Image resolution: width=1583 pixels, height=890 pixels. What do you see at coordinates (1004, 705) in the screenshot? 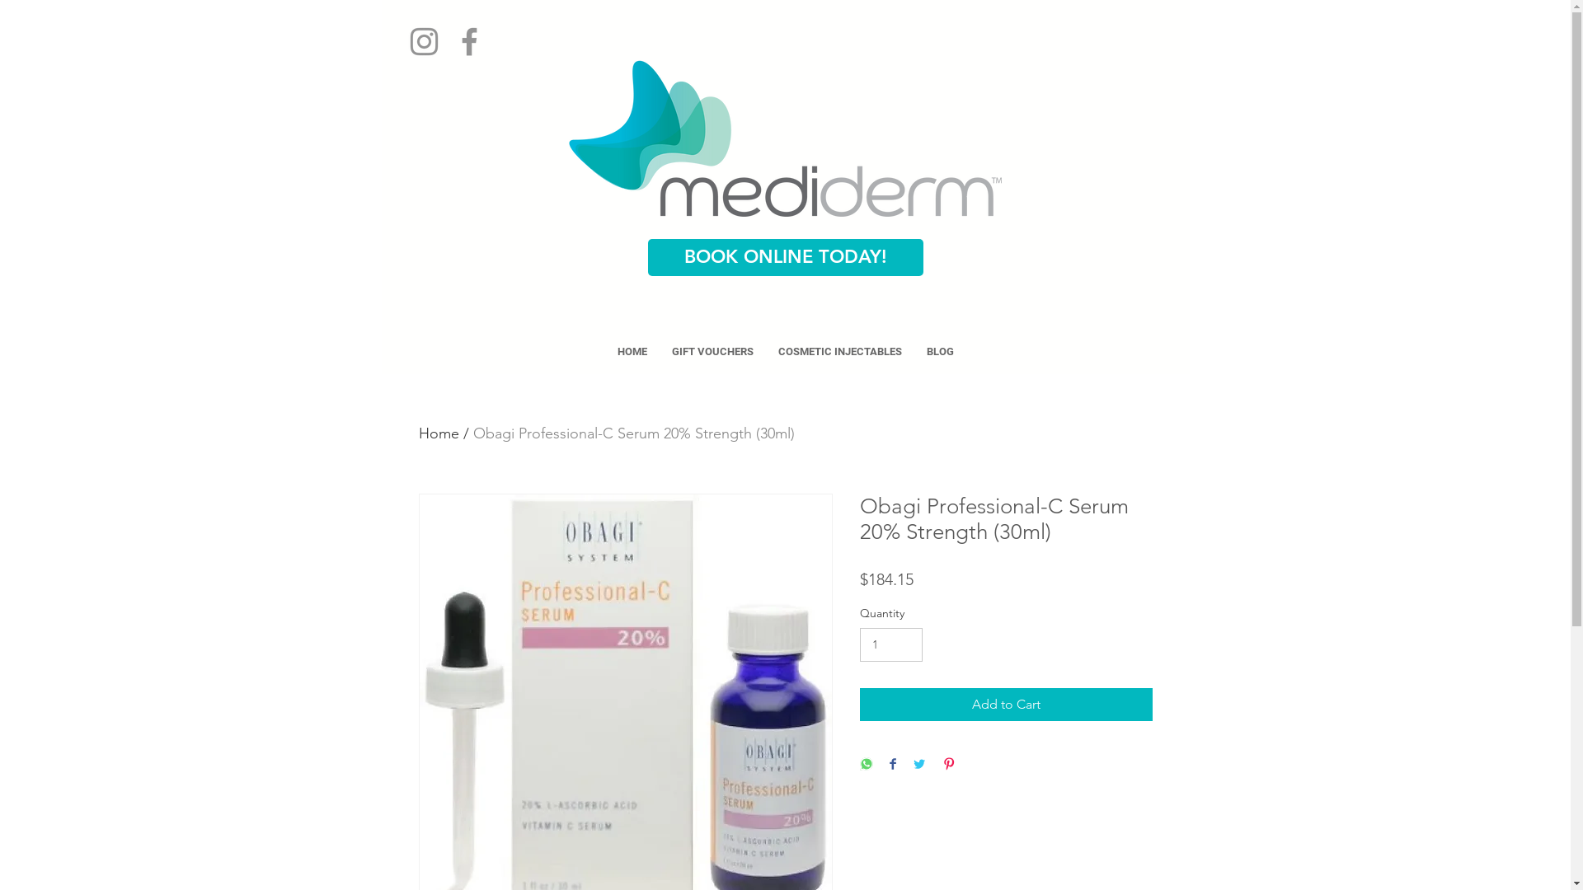
I see `'Add to Cart'` at bounding box center [1004, 705].